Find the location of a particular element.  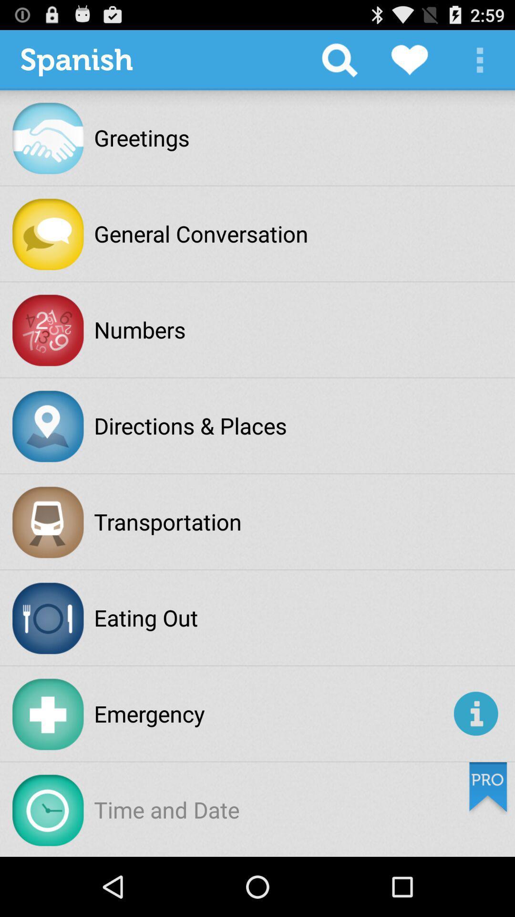

emergency at the bottom is located at coordinates (272, 714).